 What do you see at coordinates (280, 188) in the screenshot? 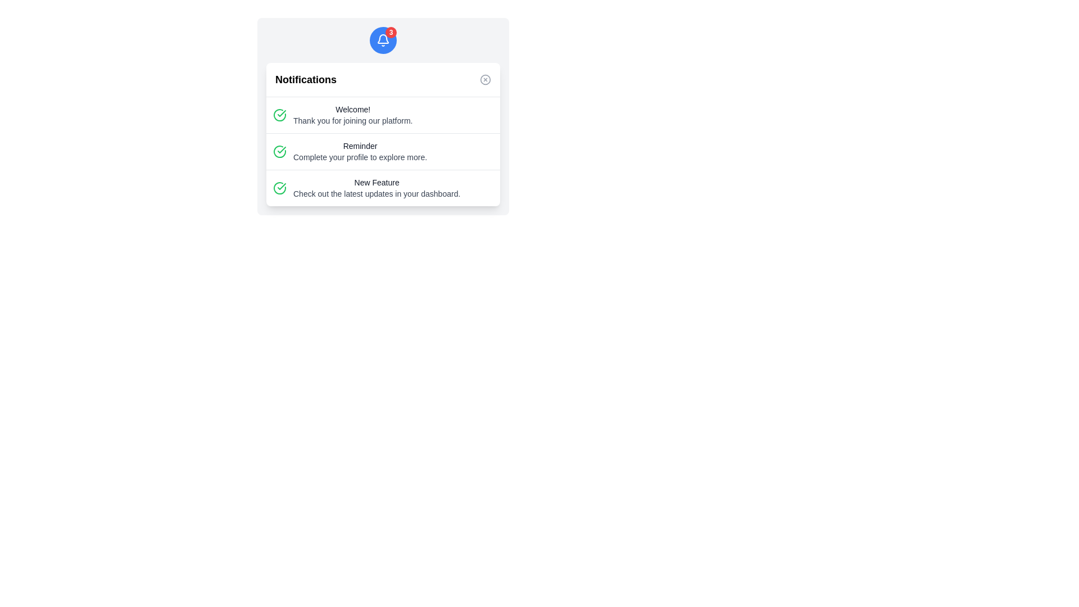
I see `the icon that indicates the notification item has been marked as completed, located to the left of the third notification item labeled 'New Feature'` at bounding box center [280, 188].